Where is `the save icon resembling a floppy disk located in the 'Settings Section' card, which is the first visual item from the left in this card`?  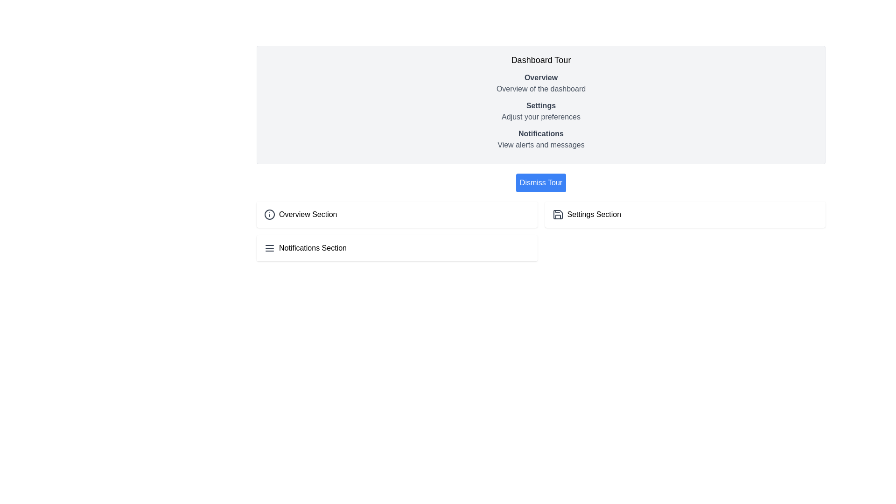
the save icon resembling a floppy disk located in the 'Settings Section' card, which is the first visual item from the left in this card is located at coordinates (558, 214).